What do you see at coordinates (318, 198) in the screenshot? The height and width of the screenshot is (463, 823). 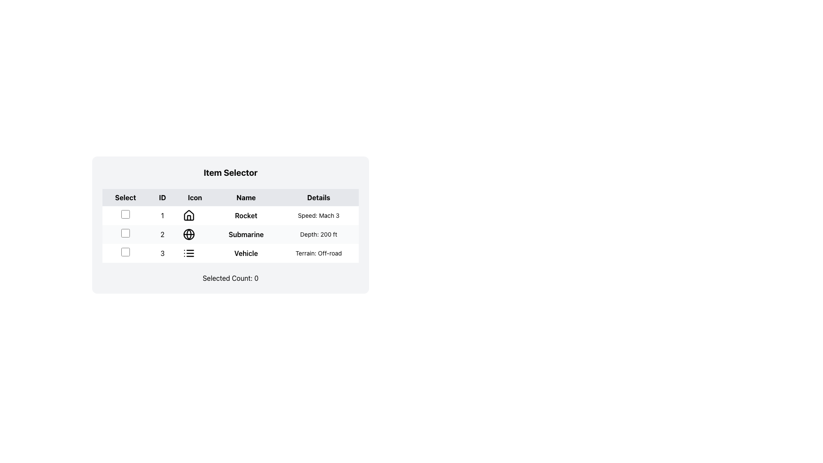 I see `the text label displaying 'Details' in bold, located in the top-right corner of the table header row with a gray background and black text` at bounding box center [318, 198].